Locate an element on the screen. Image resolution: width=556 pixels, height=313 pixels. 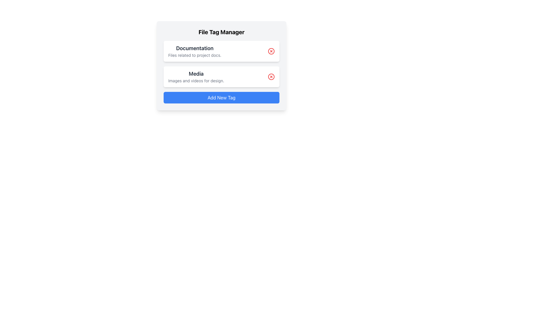
the text element reading 'Files related to project docs.' which is styled in light gray and positioned beneath the title 'Documentation' is located at coordinates (195, 55).